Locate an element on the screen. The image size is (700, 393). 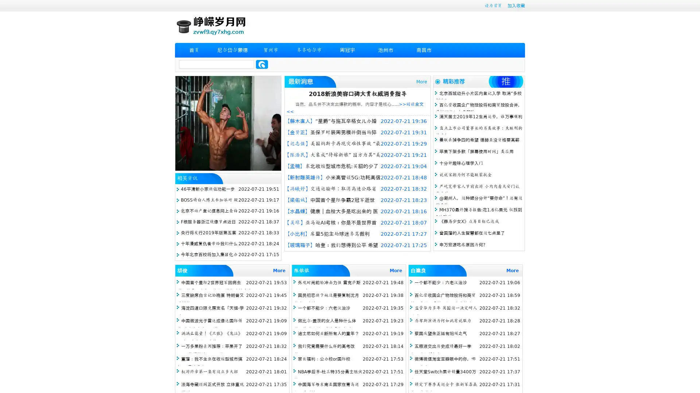
Search is located at coordinates (262, 64).